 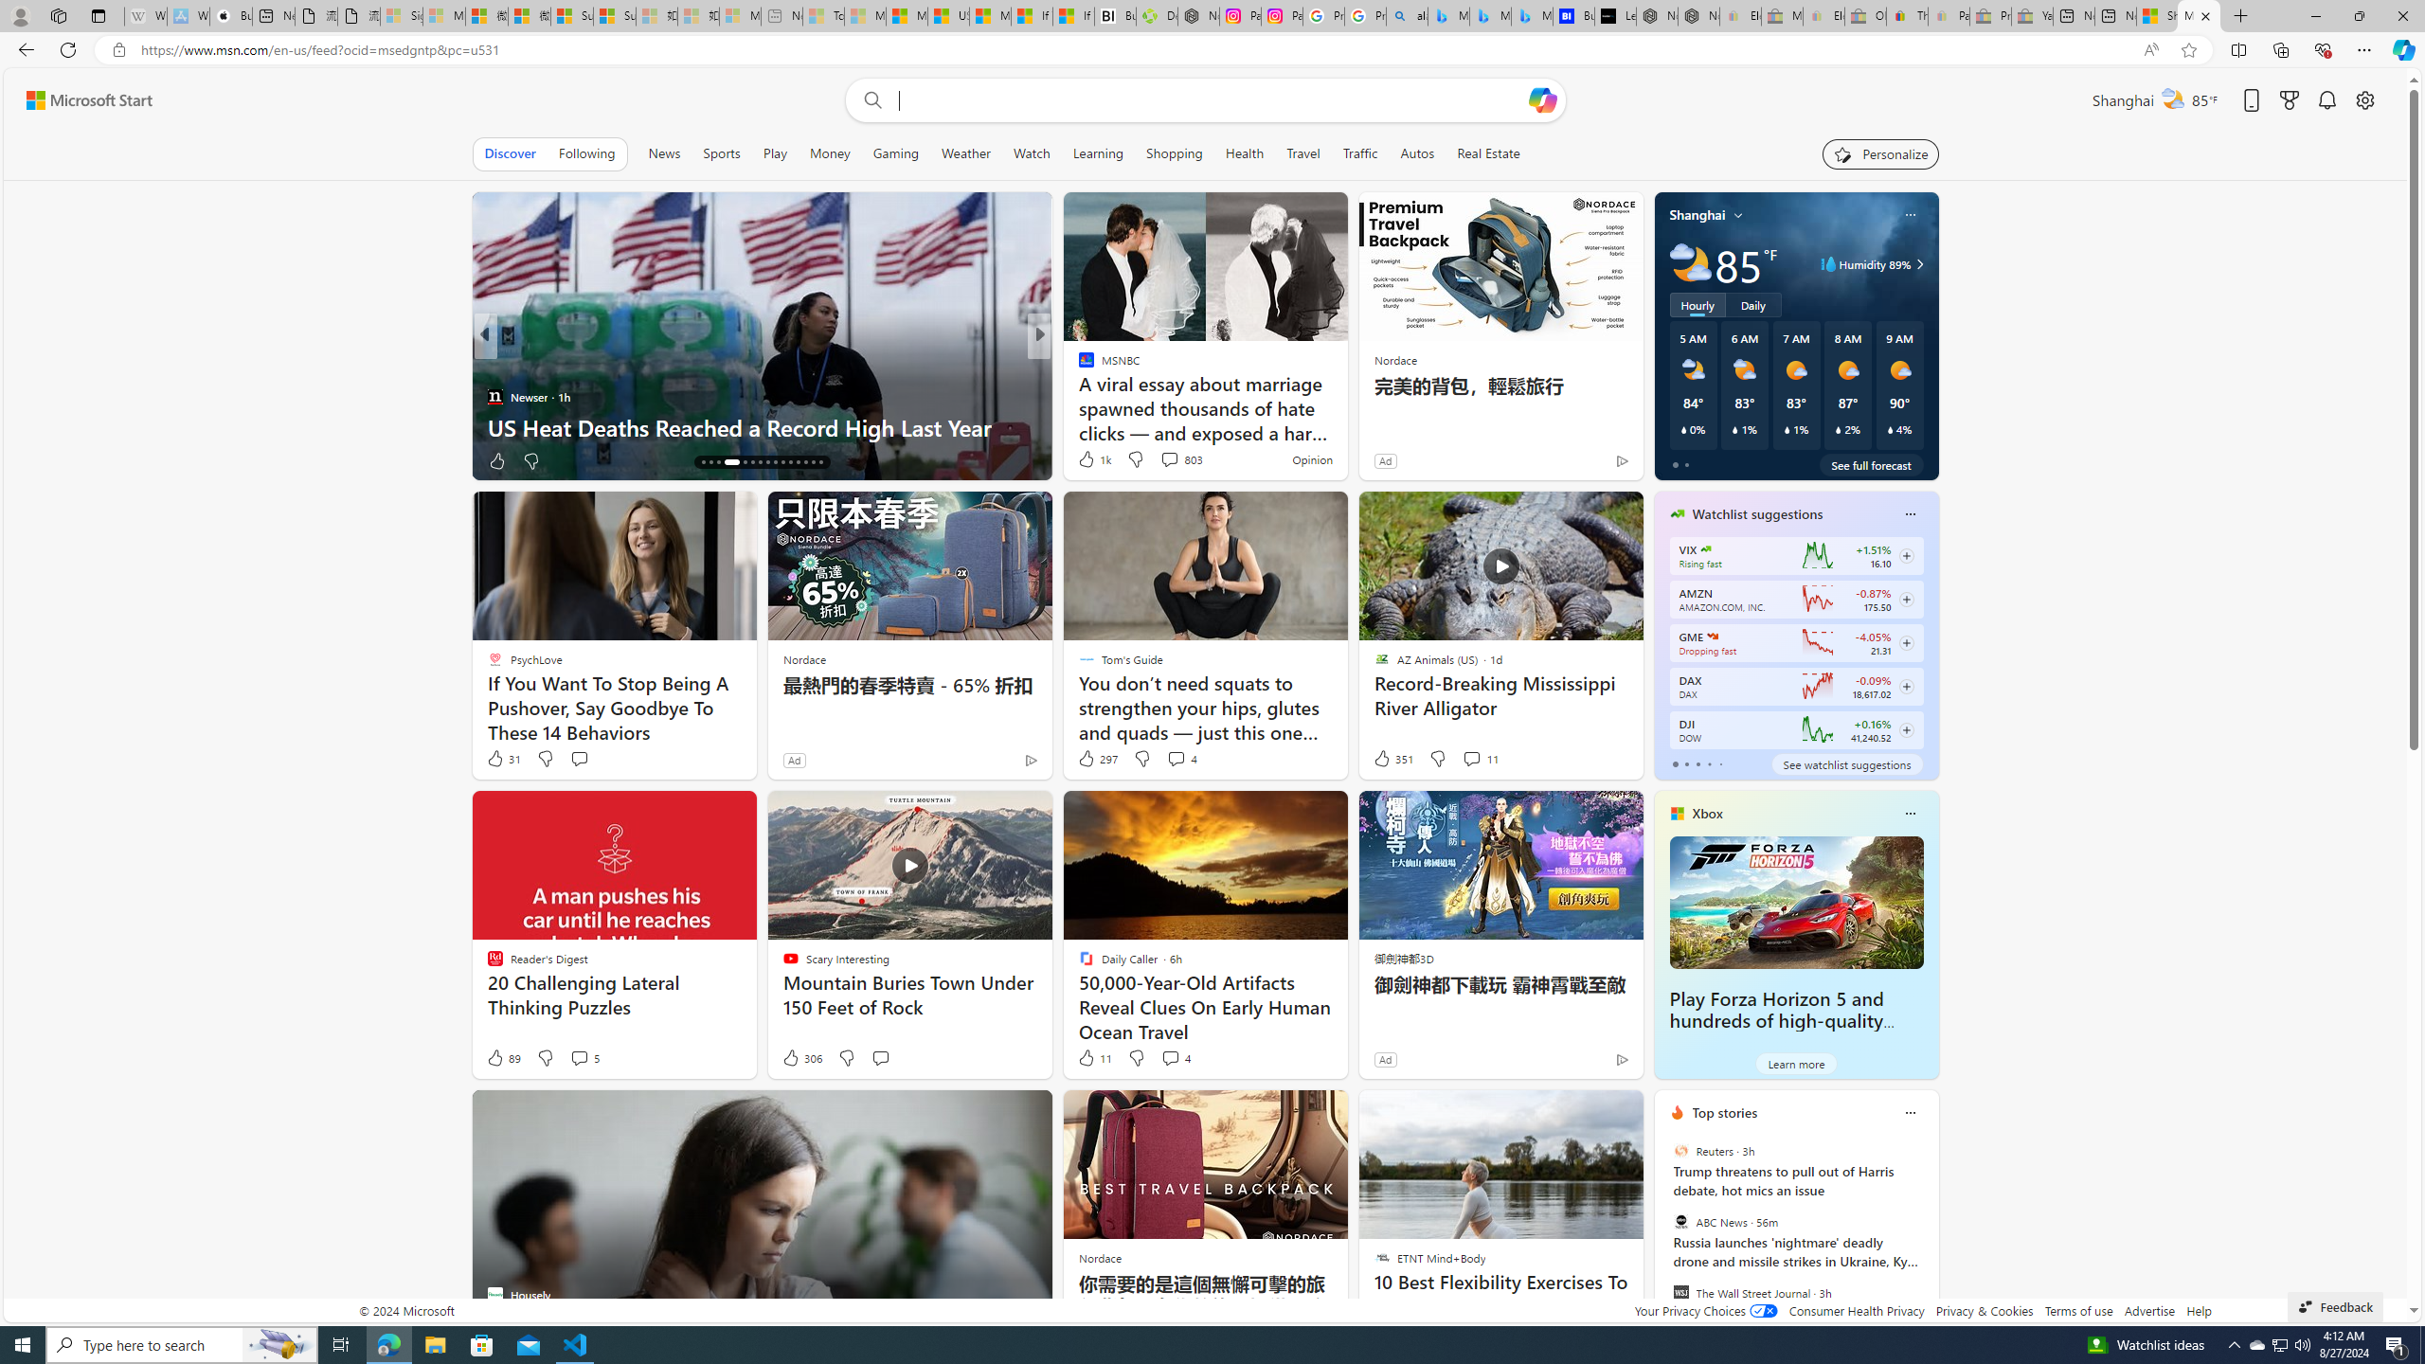 What do you see at coordinates (2031, 15) in the screenshot?
I see `'Yard, Garden & Outdoor Living - Sleeping'` at bounding box center [2031, 15].